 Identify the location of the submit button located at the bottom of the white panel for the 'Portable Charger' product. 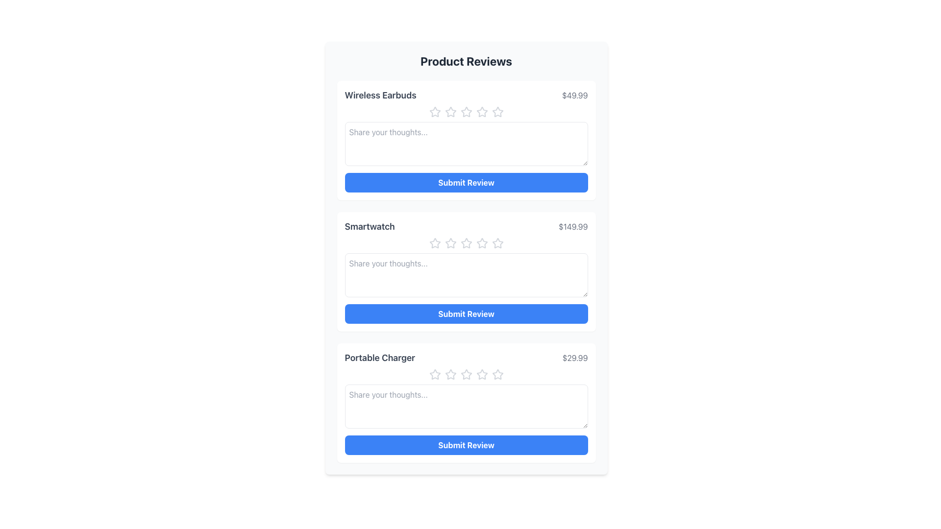
(466, 445).